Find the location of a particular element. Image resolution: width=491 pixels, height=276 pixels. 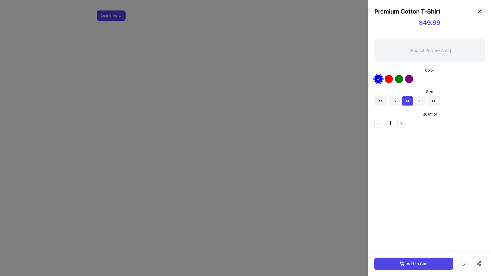

the 'L' (Large) size button located in the middle section under the 'Size' header is located at coordinates (420, 101).